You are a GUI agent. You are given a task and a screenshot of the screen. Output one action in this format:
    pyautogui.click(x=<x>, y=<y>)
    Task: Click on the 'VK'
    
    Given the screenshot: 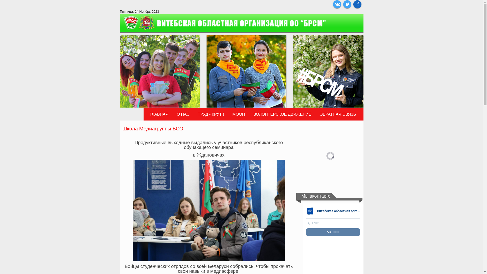 What is the action you would take?
    pyautogui.click(x=337, y=4)
    